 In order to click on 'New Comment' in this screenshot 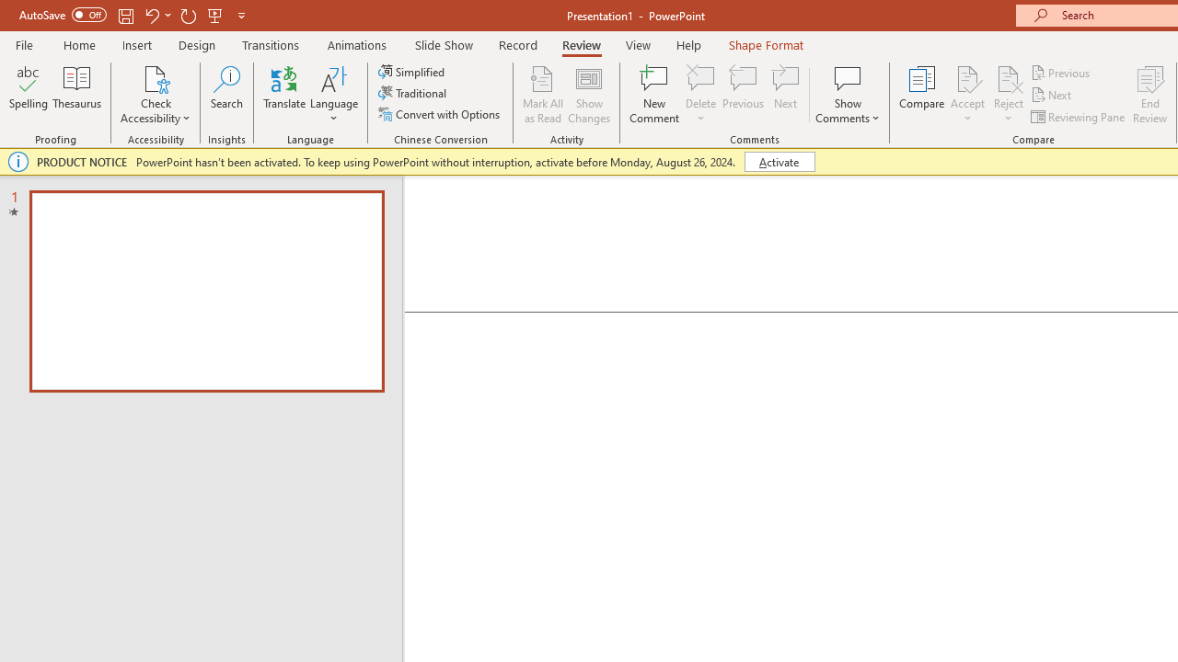, I will do `click(654, 95)`.